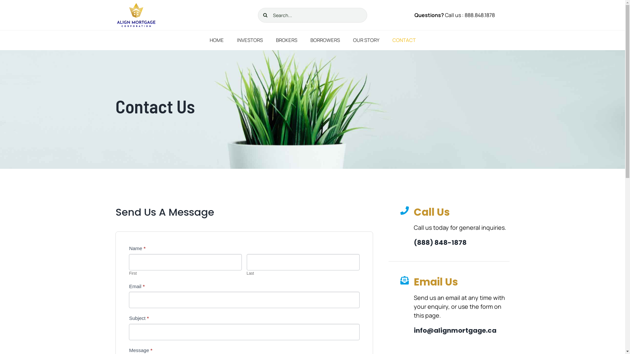  Describe the element at coordinates (286, 40) in the screenshot. I see `'BROKERS'` at that location.